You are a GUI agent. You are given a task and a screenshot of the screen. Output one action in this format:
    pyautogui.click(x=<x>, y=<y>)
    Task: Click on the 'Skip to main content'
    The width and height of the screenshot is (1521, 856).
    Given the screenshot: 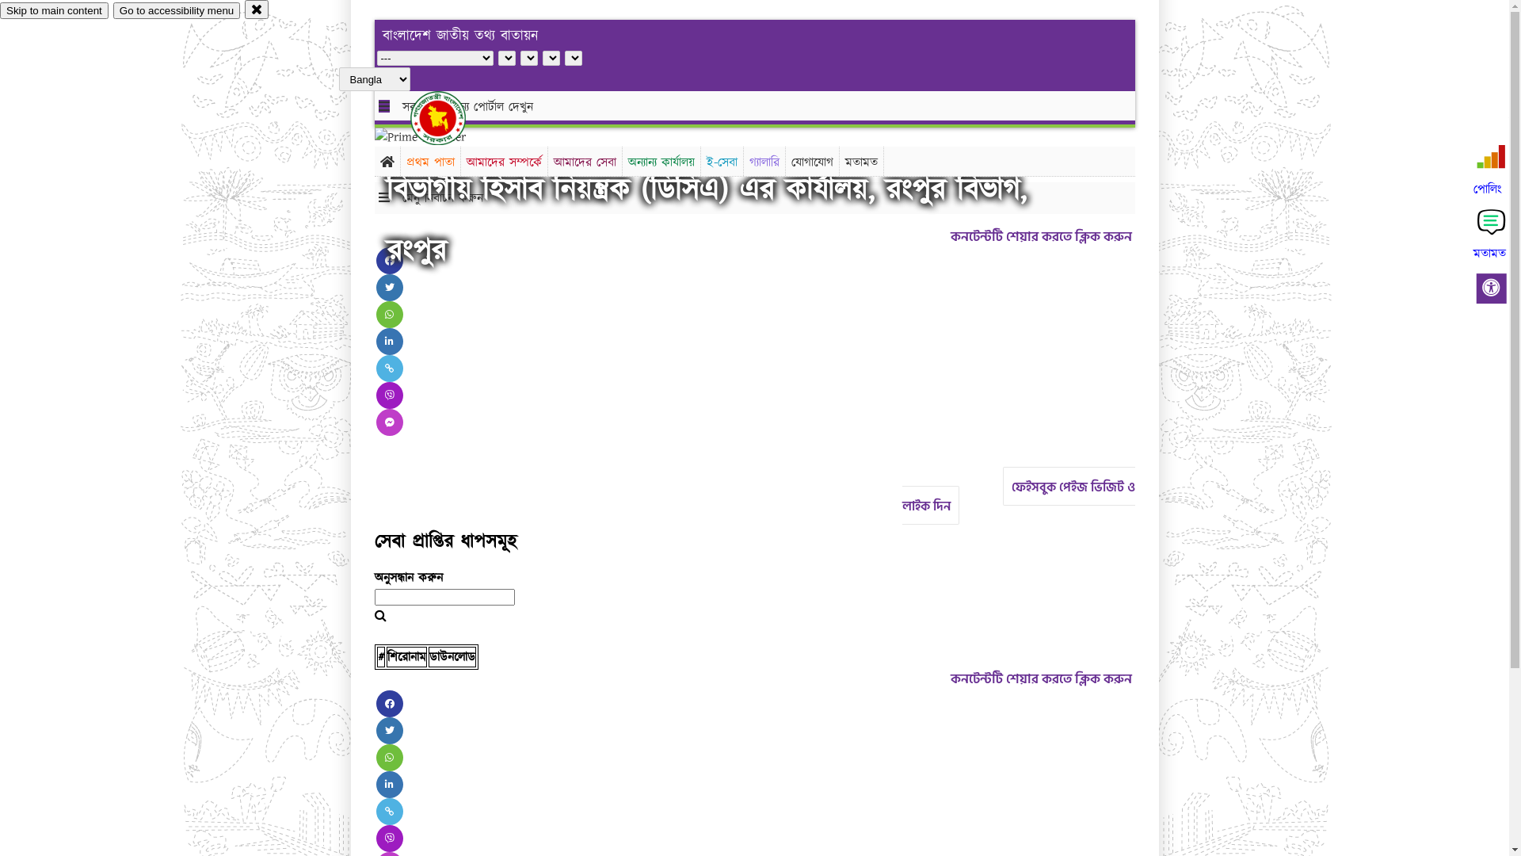 What is the action you would take?
    pyautogui.click(x=0, y=10)
    